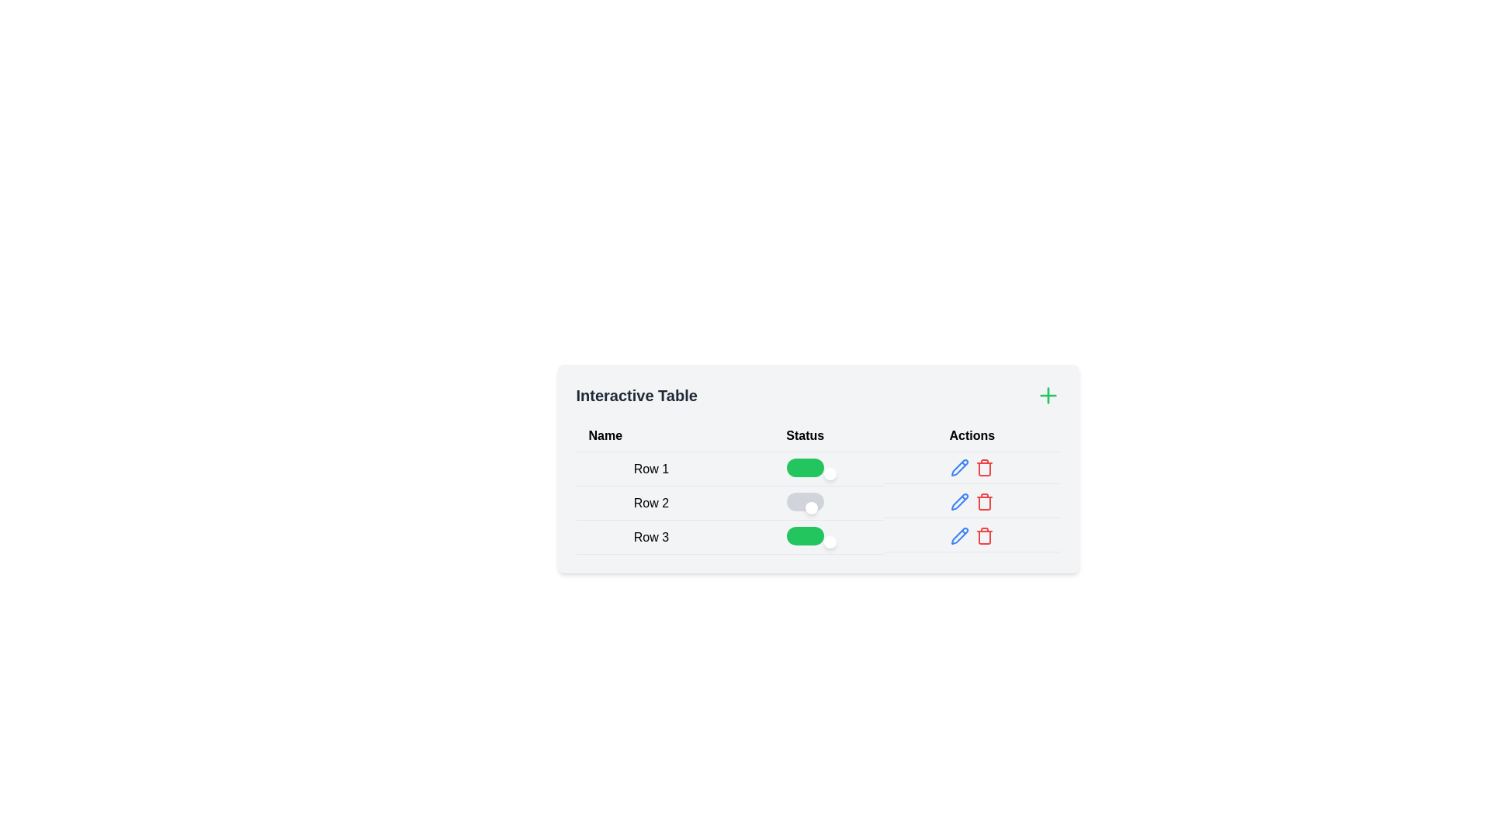  I want to click on the green toggle switch styled as a rounded rectangular slider located next to the 'Row 1' label, so click(817, 468).